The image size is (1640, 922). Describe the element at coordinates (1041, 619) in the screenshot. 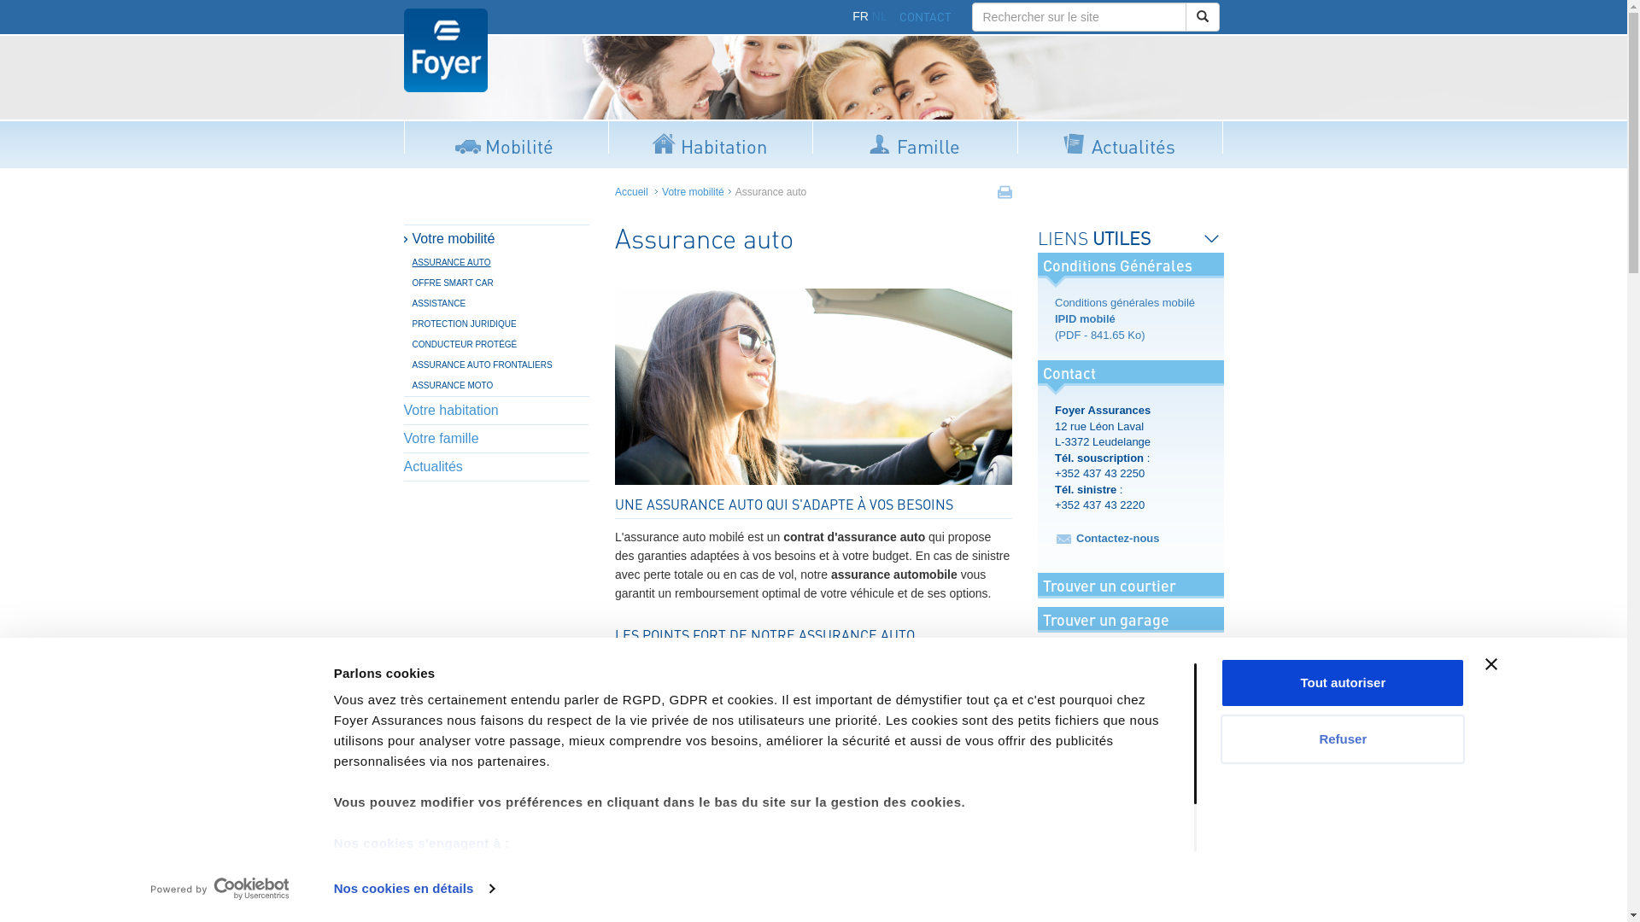

I see `'Trouver un garage'` at that location.